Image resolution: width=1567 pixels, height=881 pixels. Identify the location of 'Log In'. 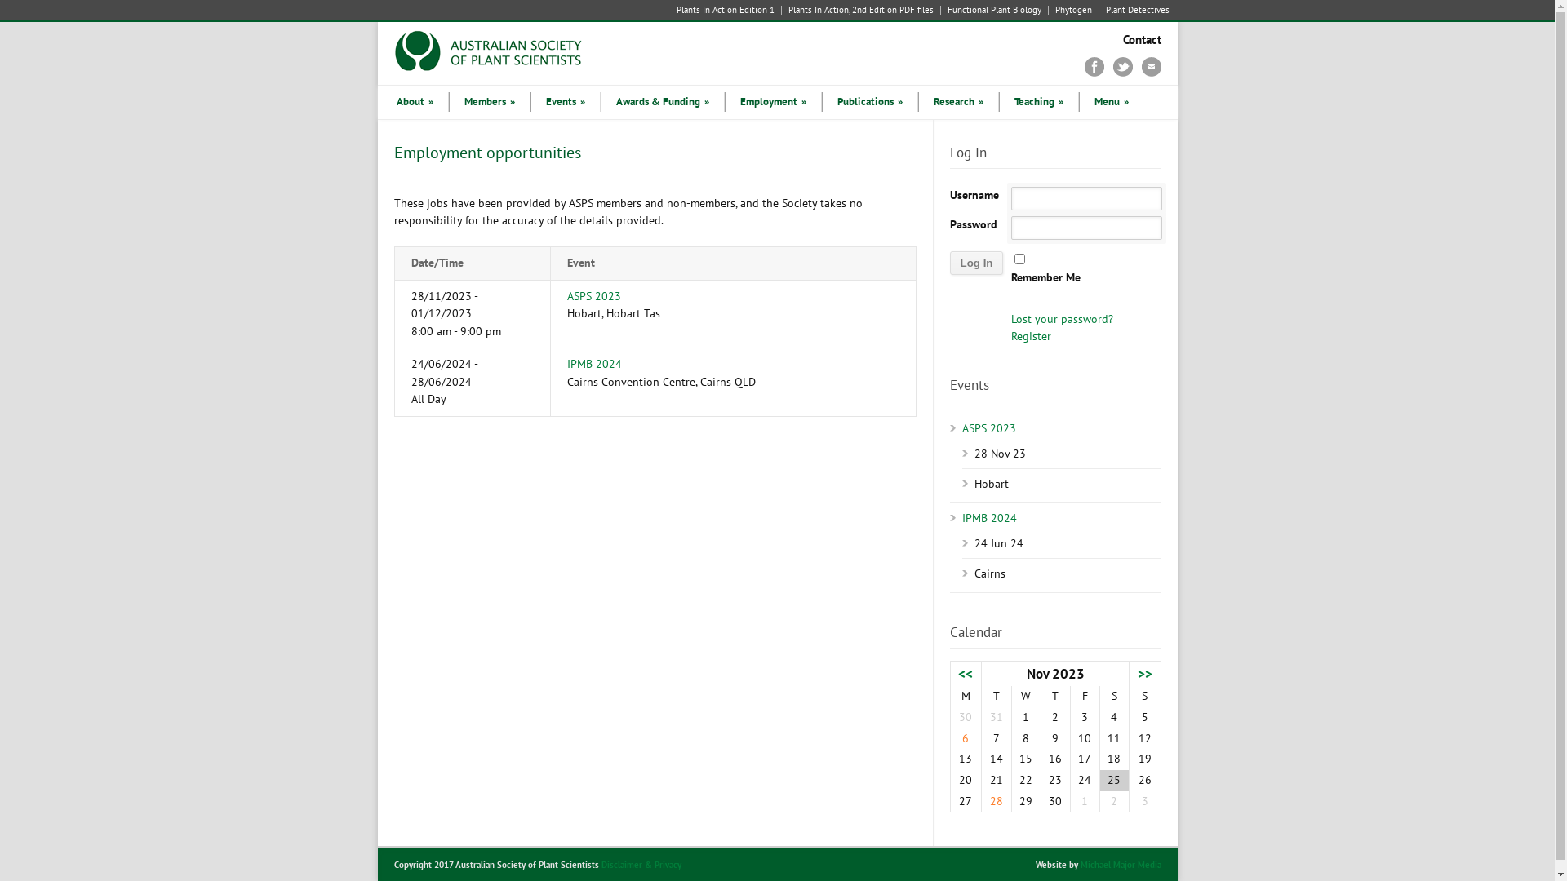
(976, 262).